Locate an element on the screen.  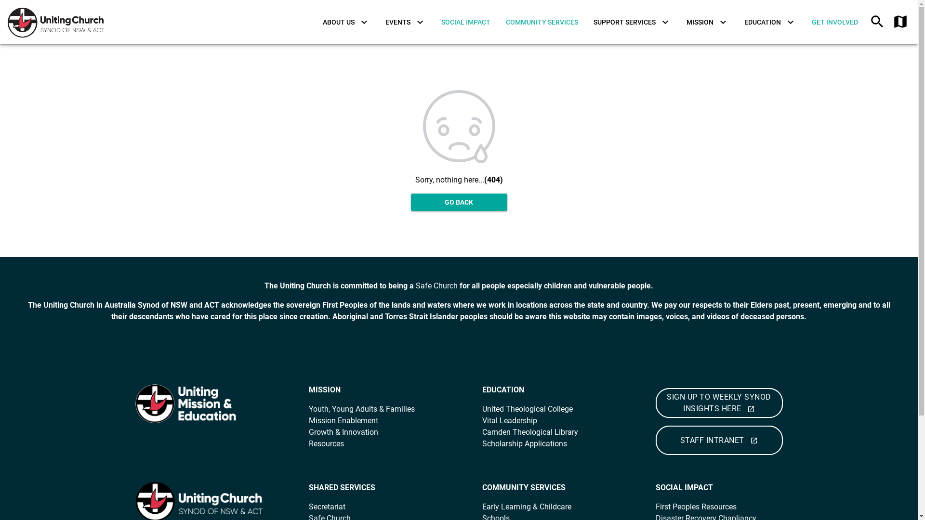
'GET INVOLVED' is located at coordinates (834, 22).